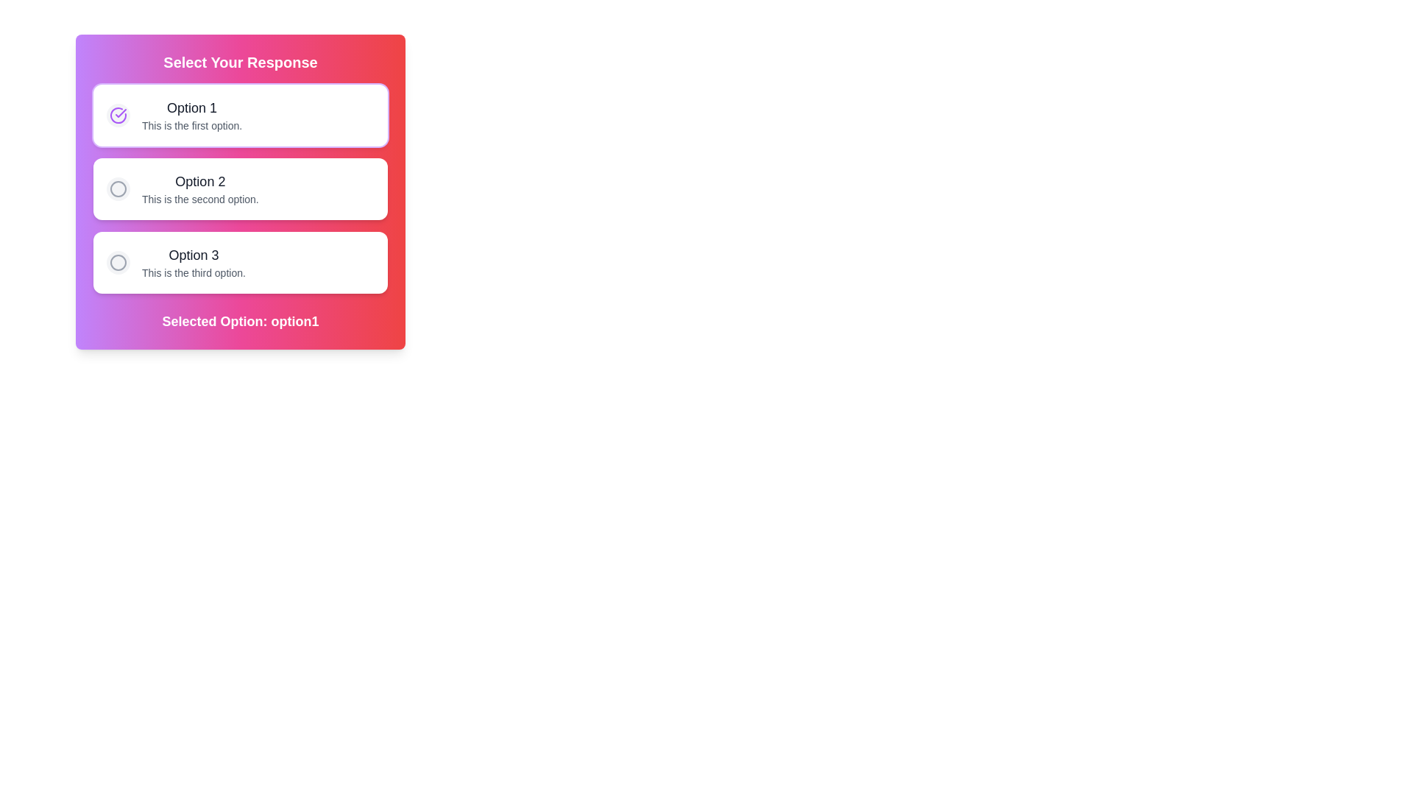 The image size is (1413, 795). Describe the element at coordinates (191, 124) in the screenshot. I see `the descriptive text label located directly below 'Option 1' in the first selectable option section of the response form` at that location.